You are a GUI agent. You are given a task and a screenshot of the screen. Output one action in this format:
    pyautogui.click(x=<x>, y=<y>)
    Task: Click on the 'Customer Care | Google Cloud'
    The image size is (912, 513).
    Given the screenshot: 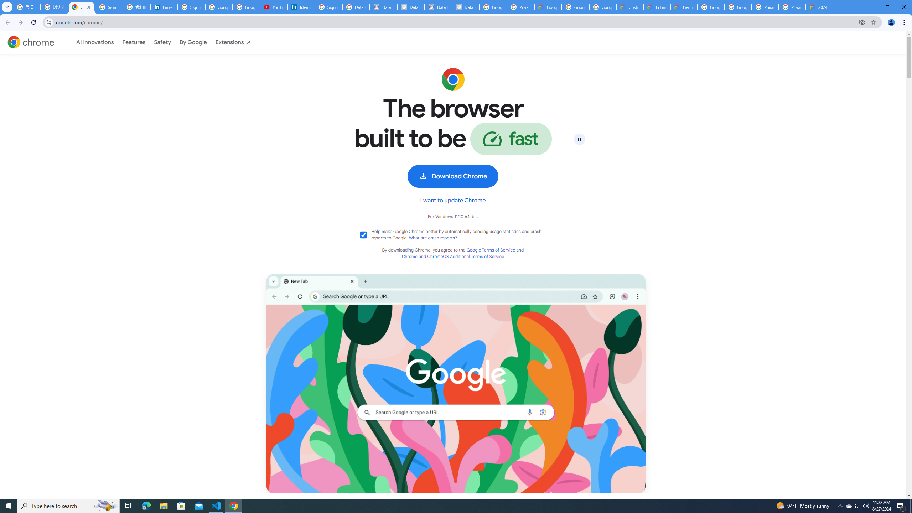 What is the action you would take?
    pyautogui.click(x=629, y=7)
    